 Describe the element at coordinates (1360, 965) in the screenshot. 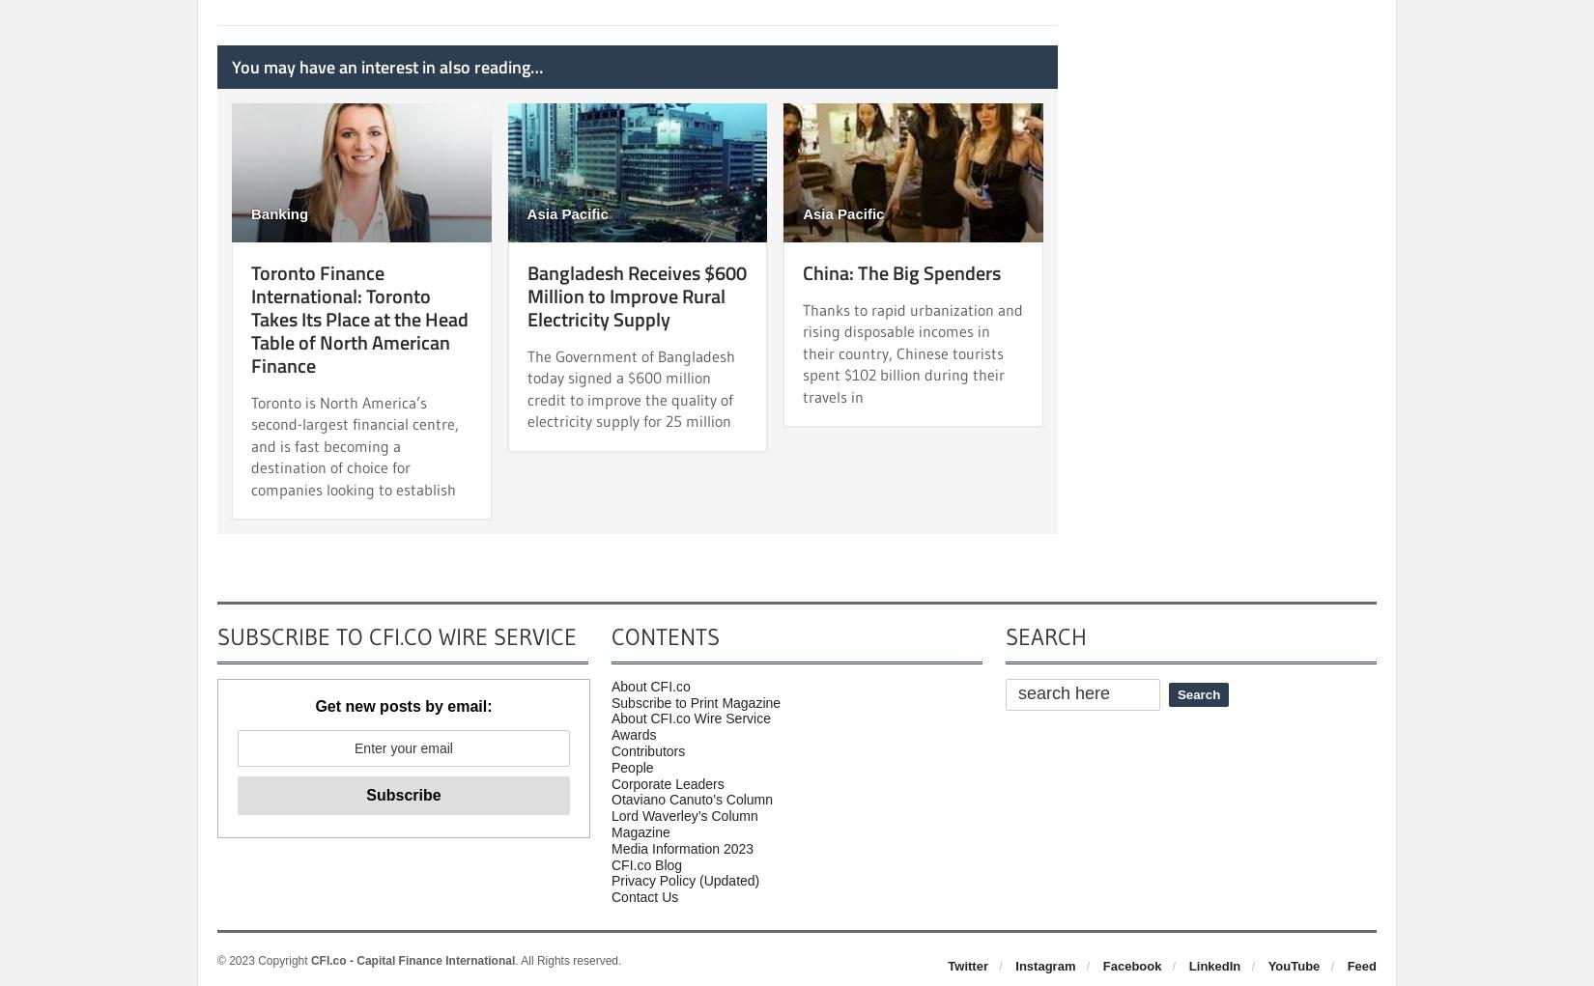

I see `'Feed'` at that location.